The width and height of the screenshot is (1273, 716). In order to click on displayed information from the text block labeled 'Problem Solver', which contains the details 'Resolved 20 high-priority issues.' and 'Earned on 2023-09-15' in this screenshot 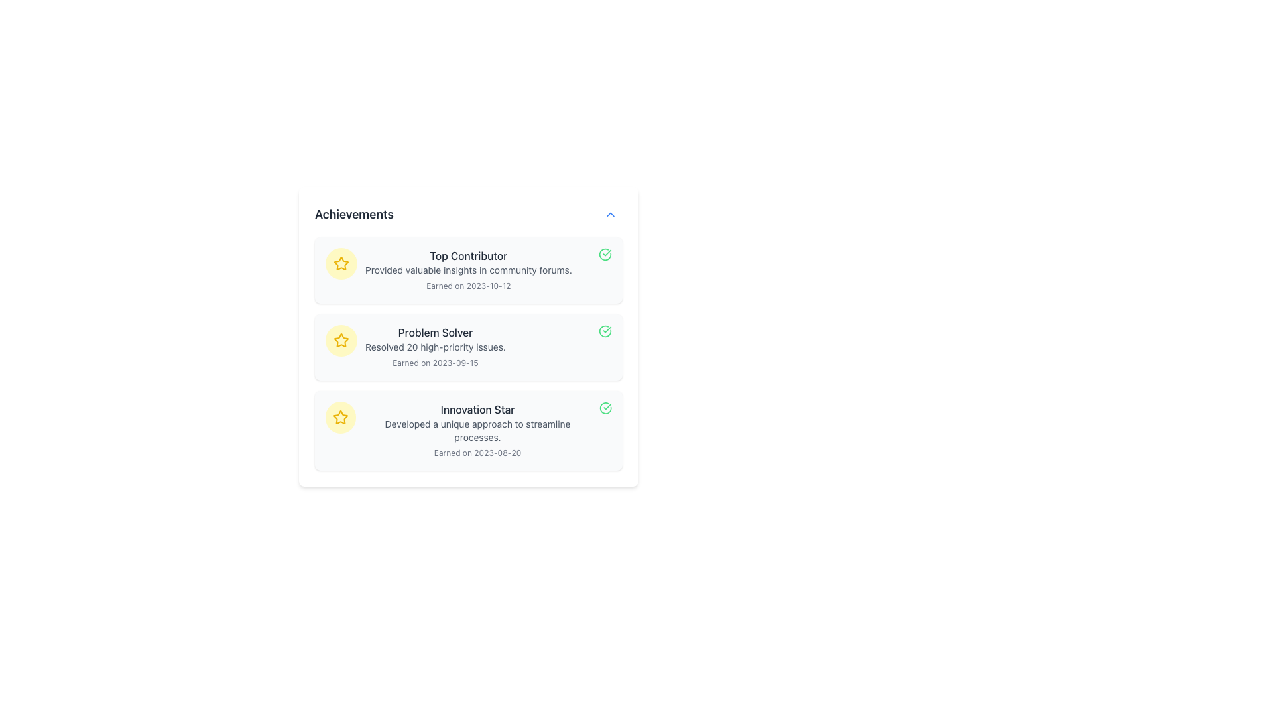, I will do `click(436, 347)`.